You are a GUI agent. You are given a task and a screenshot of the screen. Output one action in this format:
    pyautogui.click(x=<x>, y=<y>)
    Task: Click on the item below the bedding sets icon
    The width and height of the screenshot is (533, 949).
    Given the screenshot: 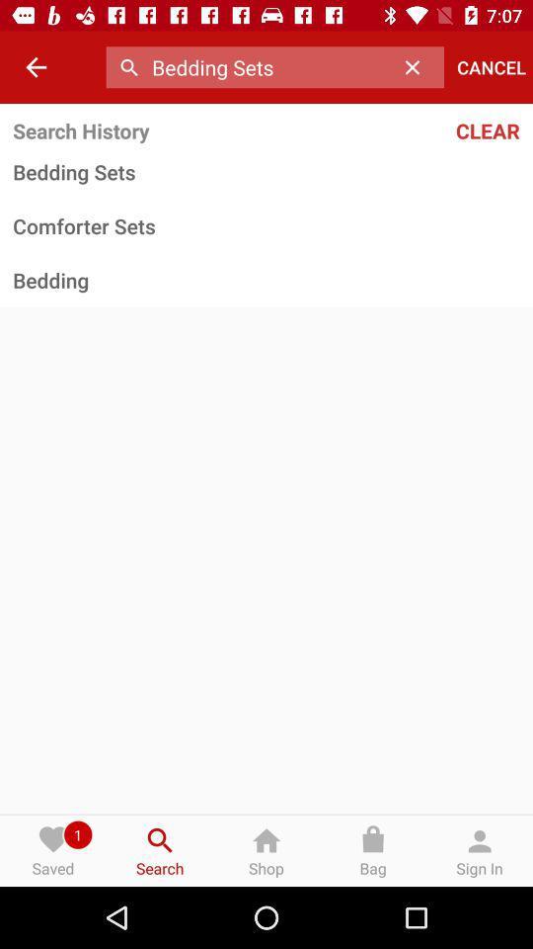 What is the action you would take?
    pyautogui.click(x=266, y=225)
    